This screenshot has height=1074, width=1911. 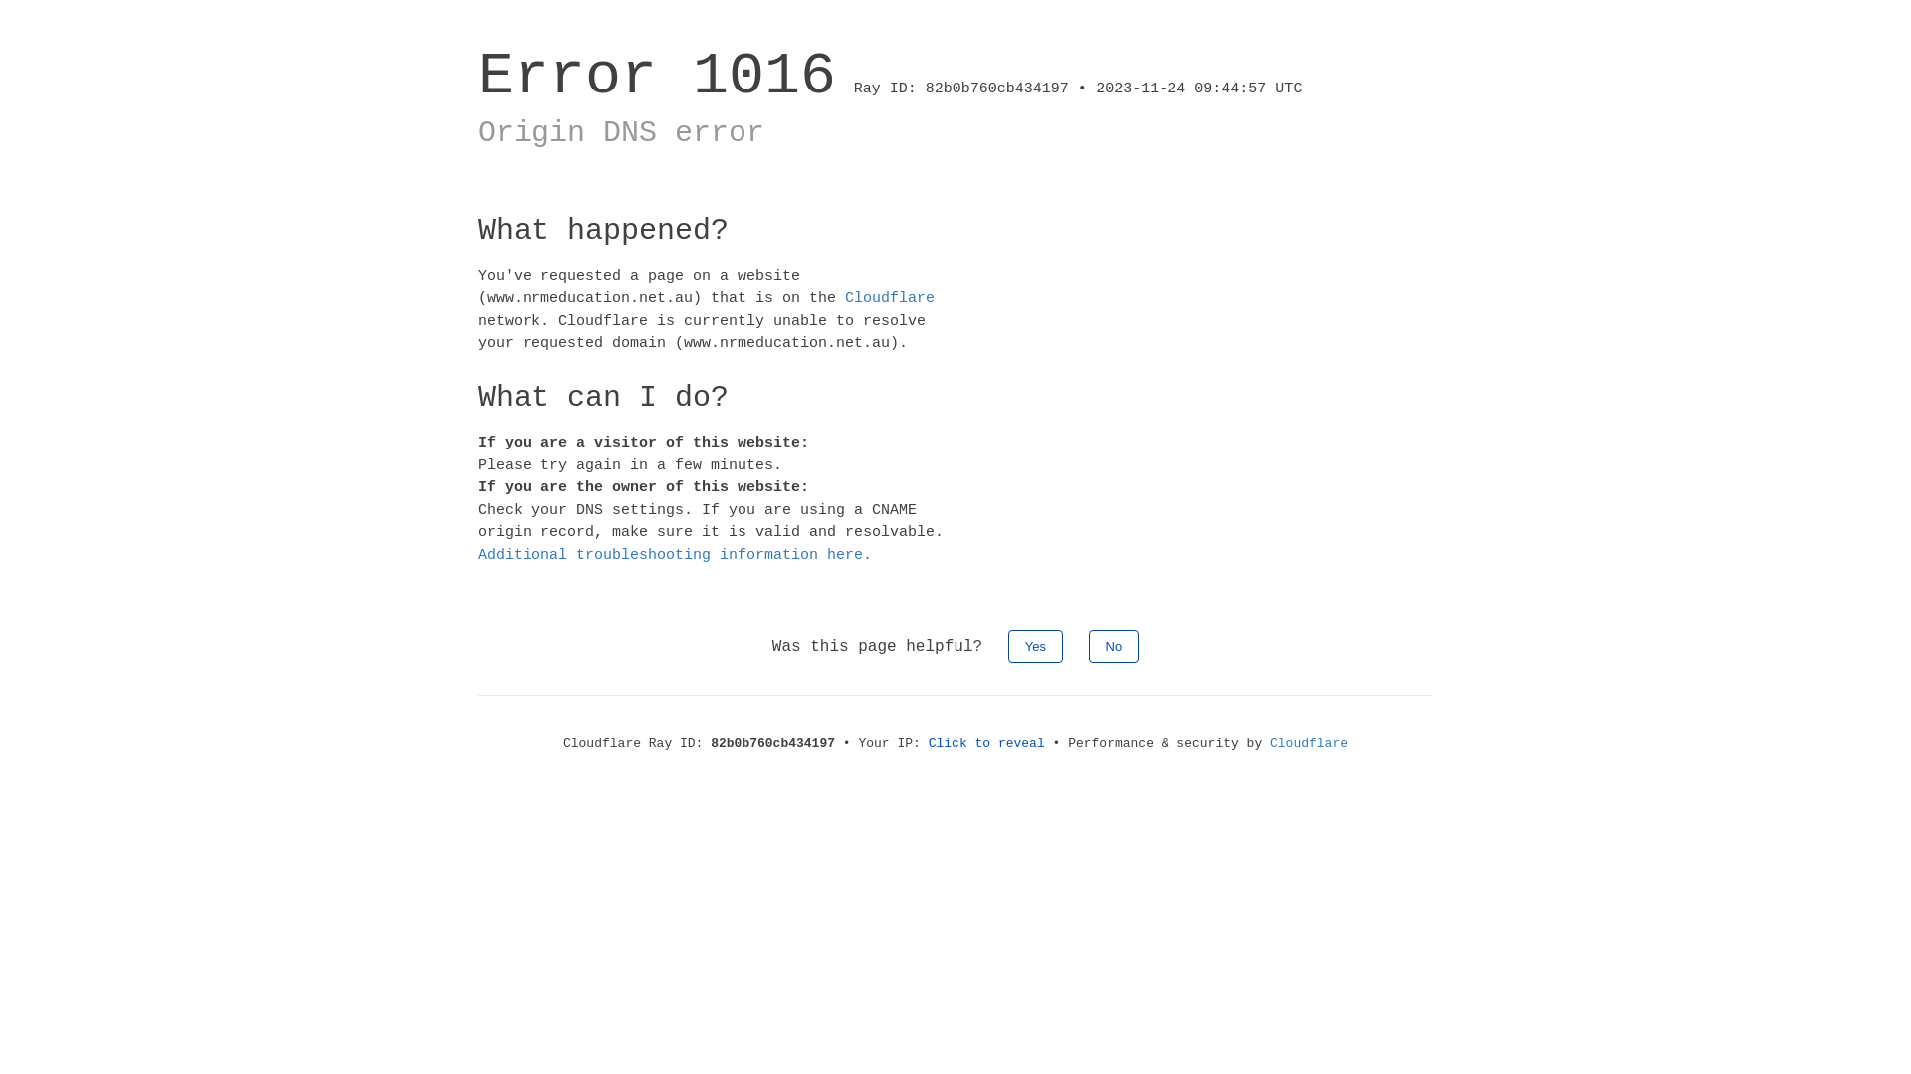 I want to click on 'No', so click(x=1113, y=646).